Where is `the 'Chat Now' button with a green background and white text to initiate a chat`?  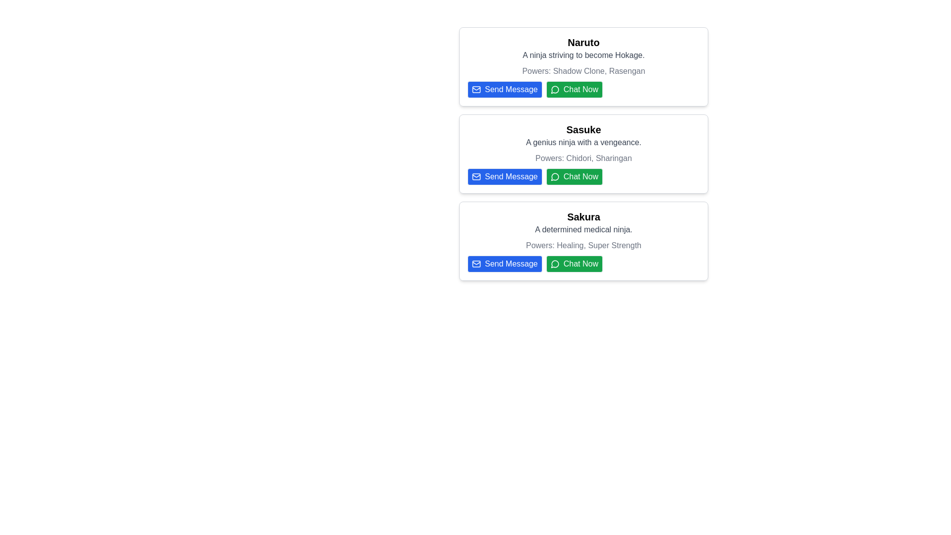 the 'Chat Now' button with a green background and white text to initiate a chat is located at coordinates (574, 263).